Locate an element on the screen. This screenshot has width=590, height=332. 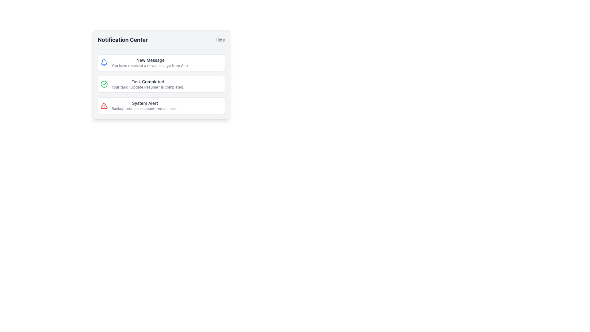
text content of the 'System Alert' label located in the third notification card of the Notification Center interface is located at coordinates (145, 103).